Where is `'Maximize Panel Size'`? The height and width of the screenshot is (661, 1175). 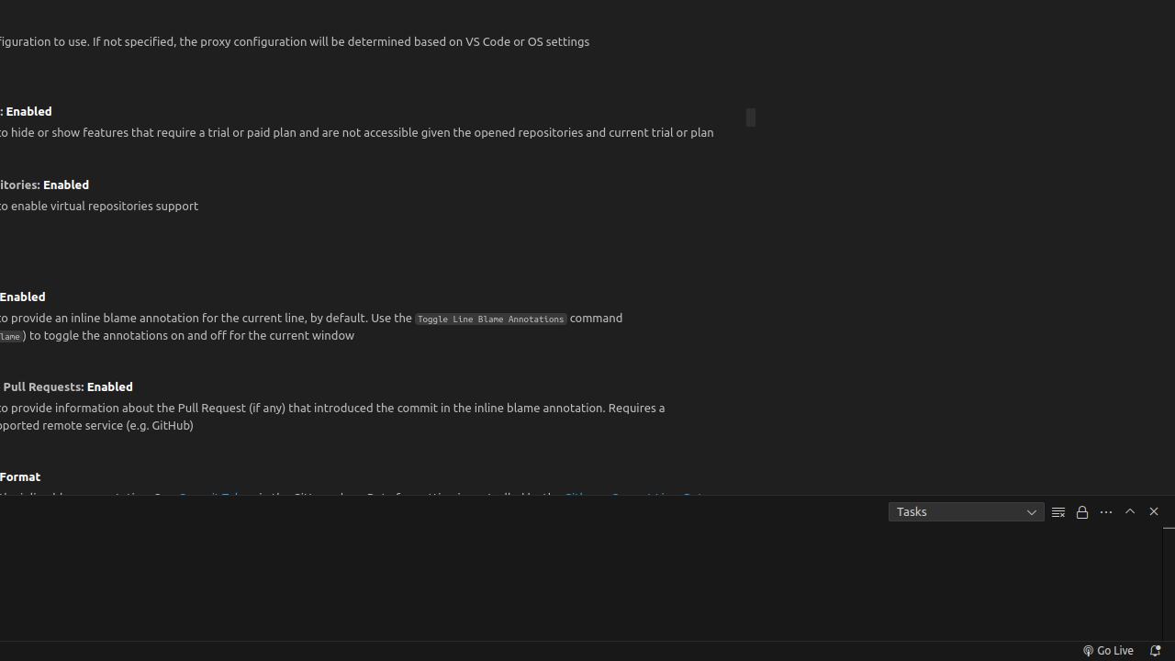
'Maximize Panel Size' is located at coordinates (1128, 510).